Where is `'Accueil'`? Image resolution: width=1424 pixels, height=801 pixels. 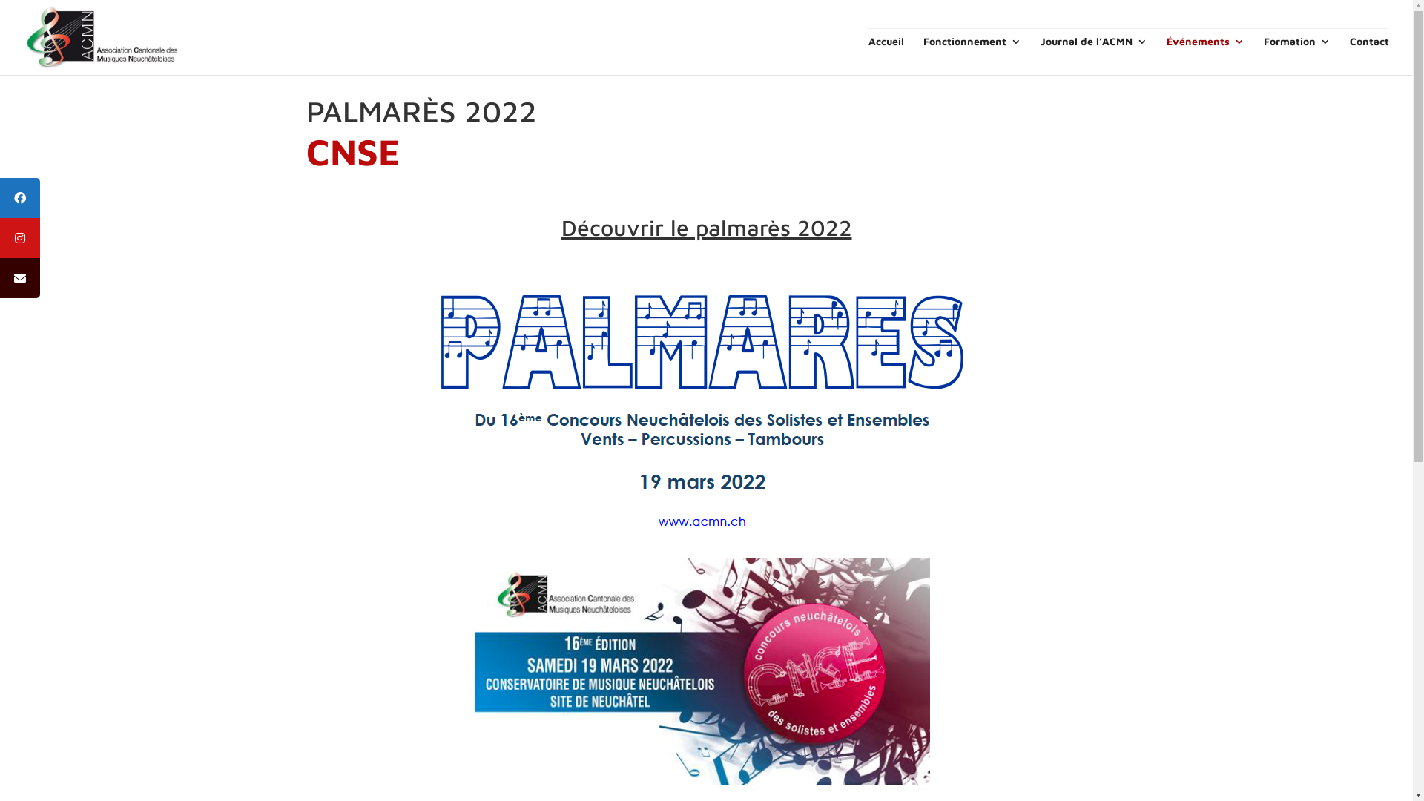 'Accueil' is located at coordinates (868, 54).